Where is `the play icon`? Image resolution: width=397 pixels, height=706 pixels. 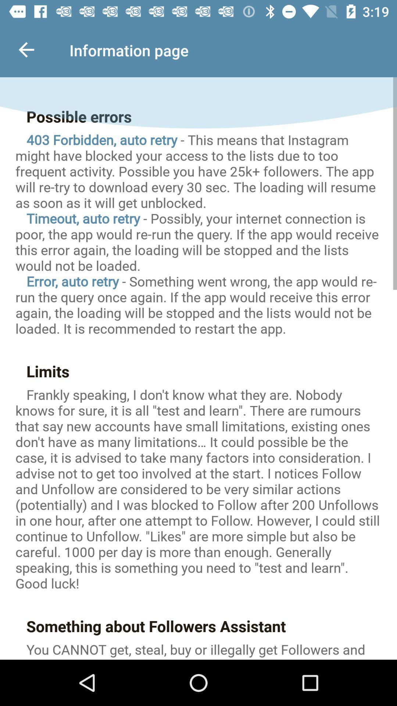
the play icon is located at coordinates (198, 636).